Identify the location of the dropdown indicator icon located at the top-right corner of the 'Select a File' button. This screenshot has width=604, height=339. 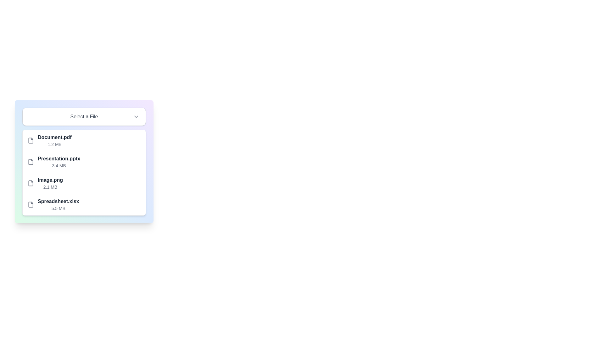
(136, 116).